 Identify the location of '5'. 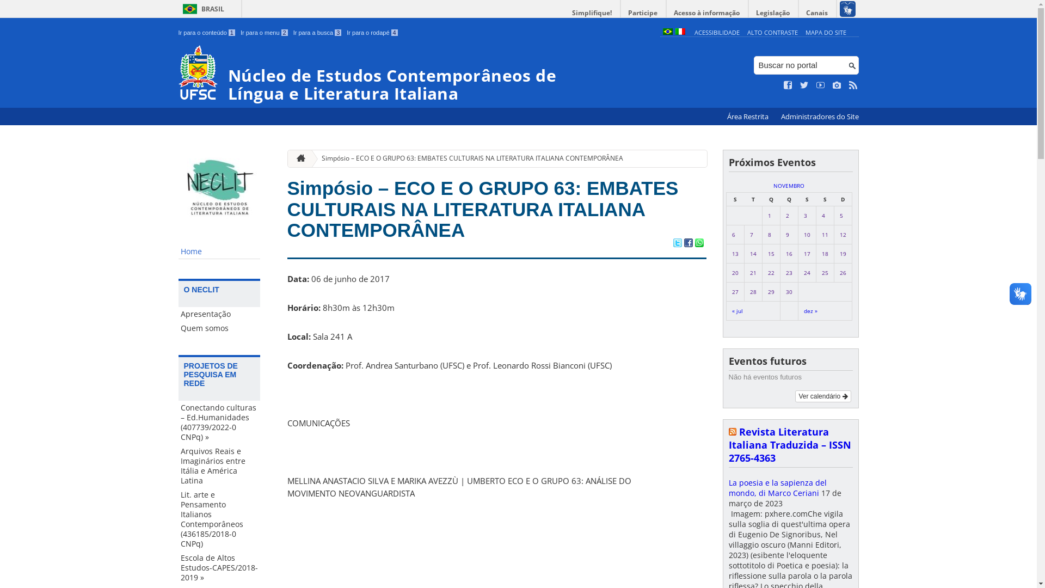
(840, 216).